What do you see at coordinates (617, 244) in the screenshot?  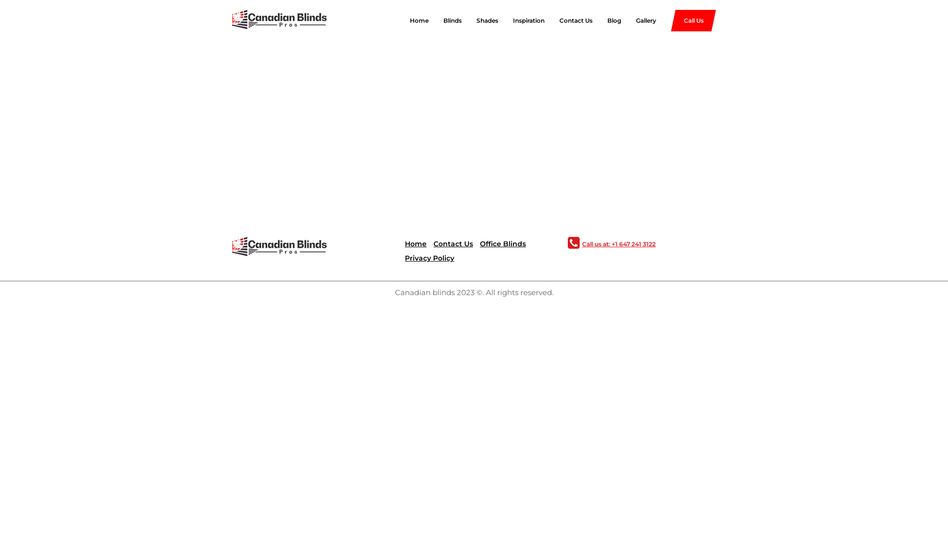 I see `'Call us at: +1 647 241 3122'` at bounding box center [617, 244].